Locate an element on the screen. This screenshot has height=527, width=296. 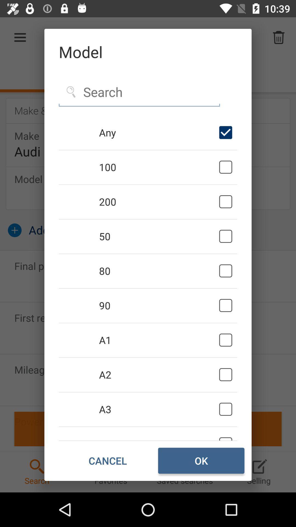
80 is located at coordinates (158, 271).